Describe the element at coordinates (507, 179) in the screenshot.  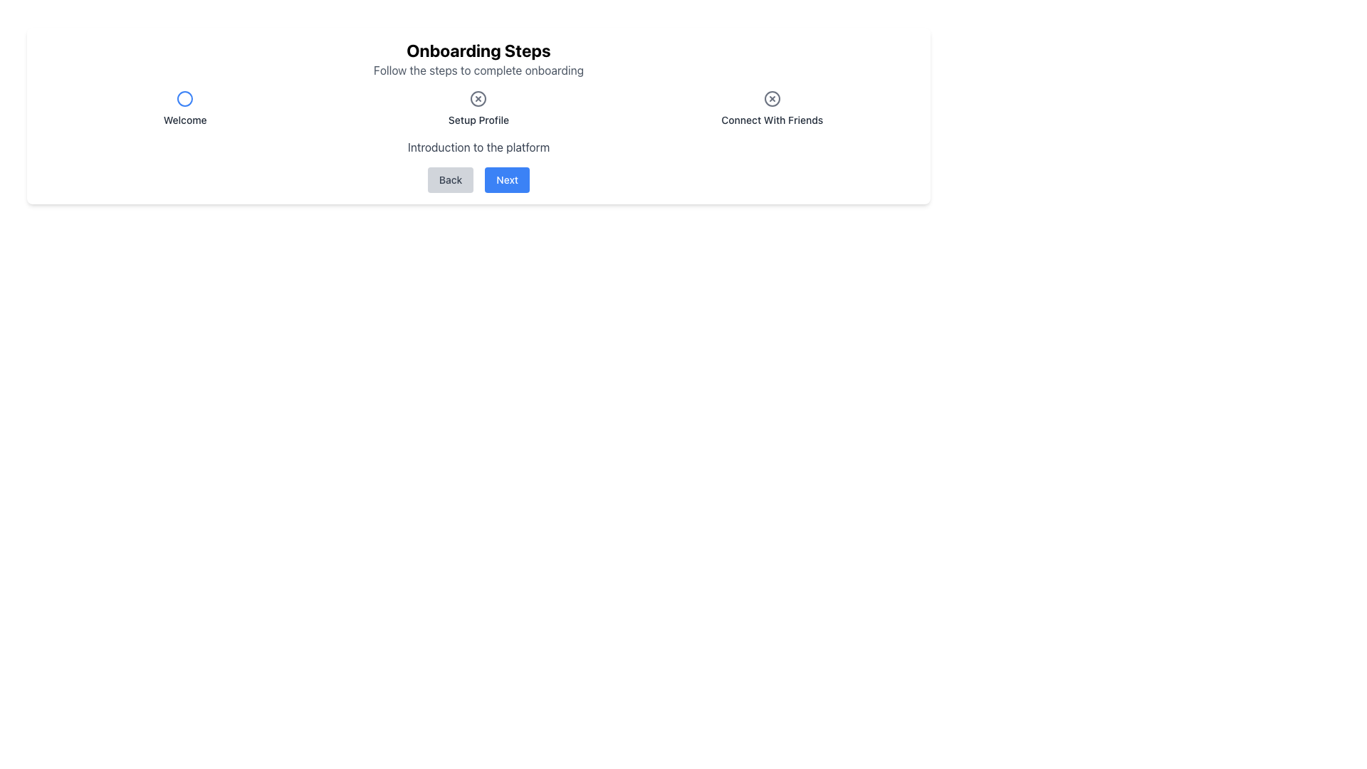
I see `the 'Next' button located at the bottom of the 'Onboarding Steps' interface` at that location.